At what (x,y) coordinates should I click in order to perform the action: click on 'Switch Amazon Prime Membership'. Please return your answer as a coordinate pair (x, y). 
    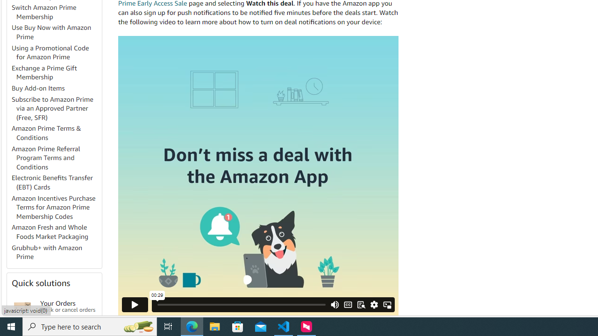
    Looking at the image, I should click on (43, 12).